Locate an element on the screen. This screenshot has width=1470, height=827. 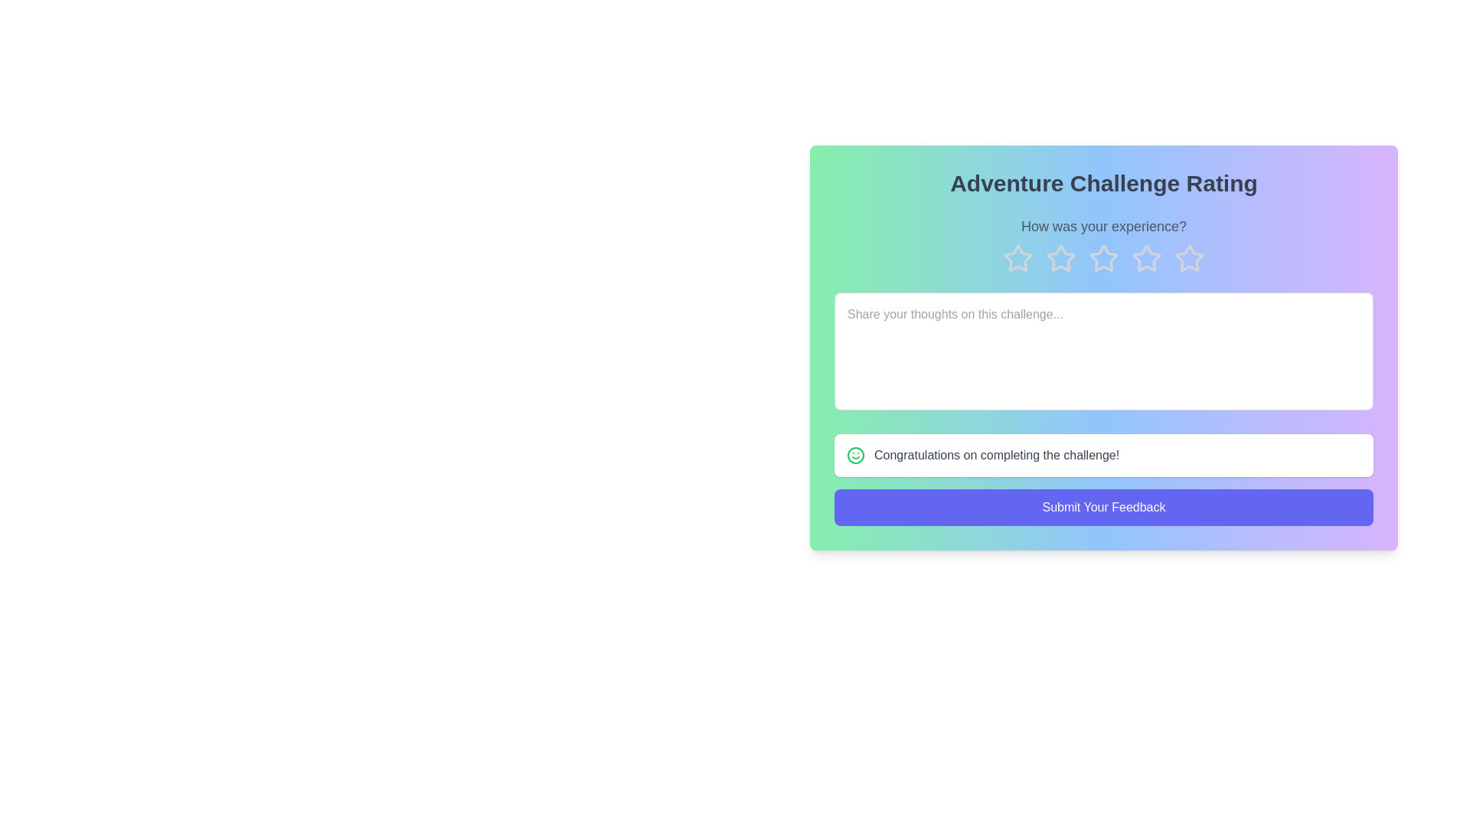
the fifth star icon in the row of rating stars below the 'How was your experience?' text is located at coordinates (1189, 258).